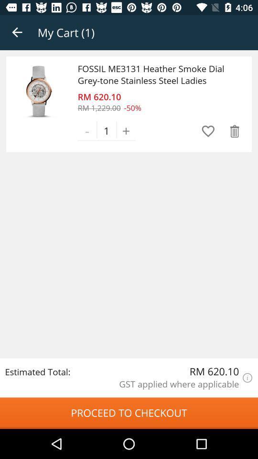 This screenshot has width=258, height=459. I want to click on item above the estimated total: icon, so click(39, 91).